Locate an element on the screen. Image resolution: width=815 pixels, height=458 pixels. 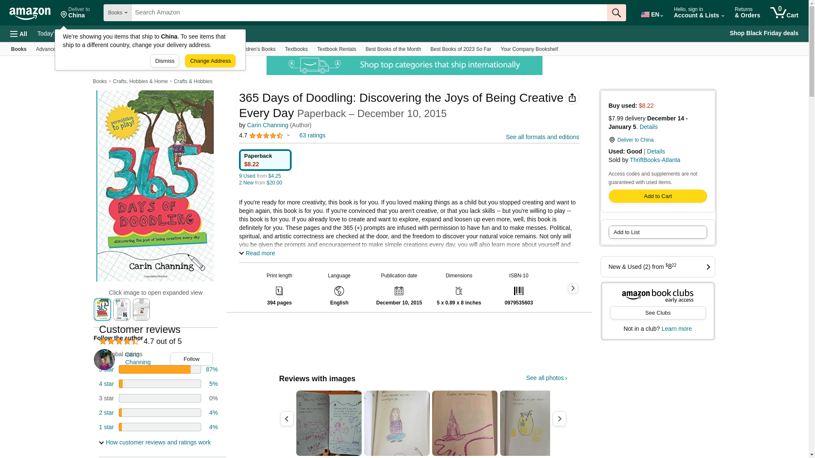
'Add to Shopping Cart' is located at coordinates (657, 196).